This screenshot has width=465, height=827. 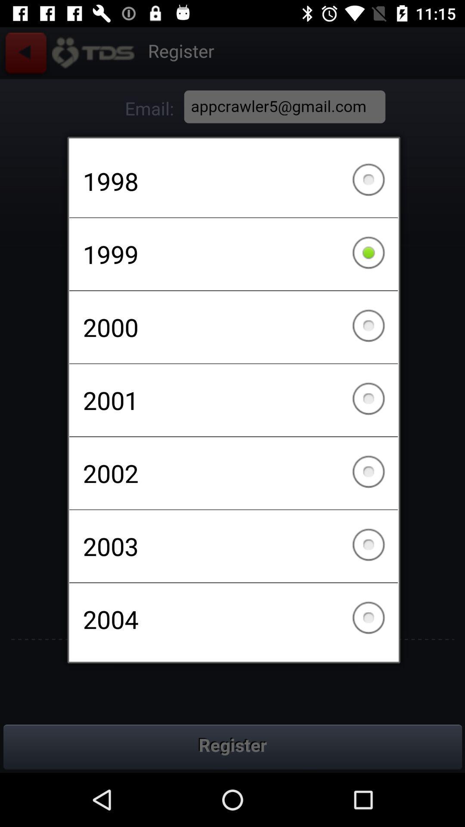 I want to click on the 2000 item, so click(x=233, y=326).